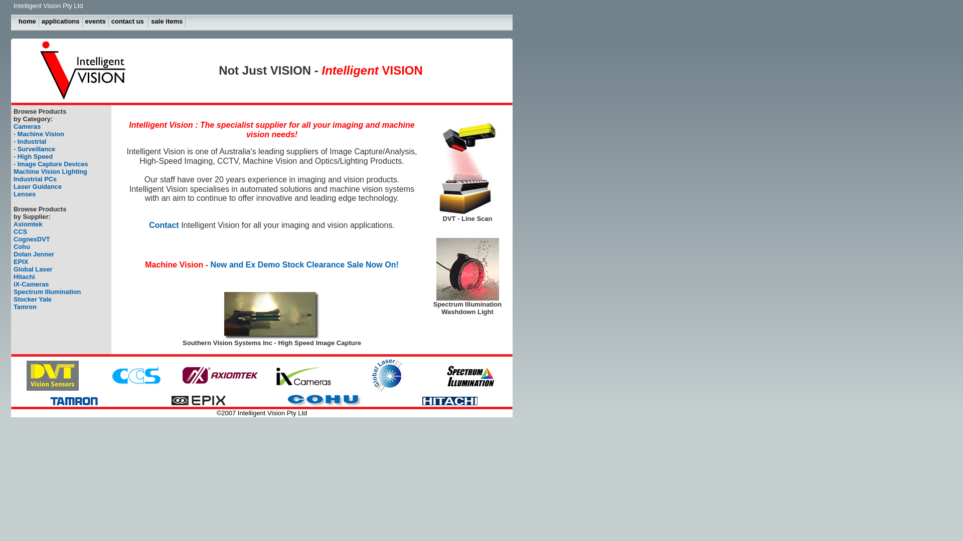  What do you see at coordinates (14, 178) in the screenshot?
I see `'Industrial PCs'` at bounding box center [14, 178].